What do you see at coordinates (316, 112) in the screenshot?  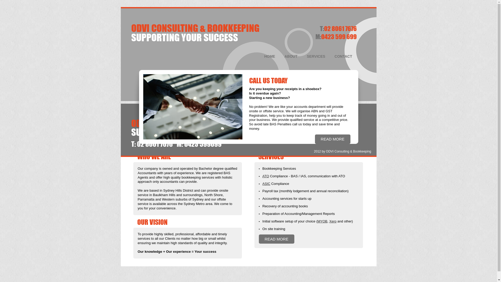 I see `'SERVICES'` at bounding box center [316, 112].